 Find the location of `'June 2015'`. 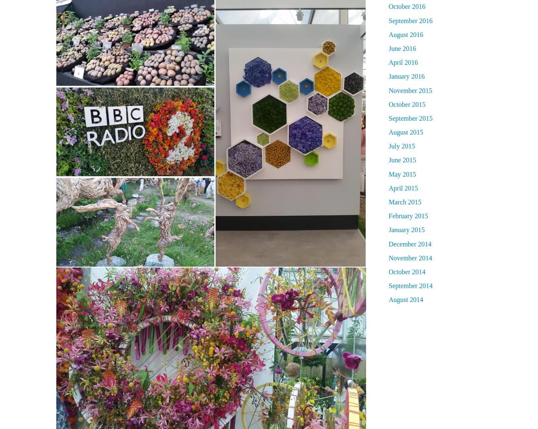

'June 2015' is located at coordinates (402, 159).